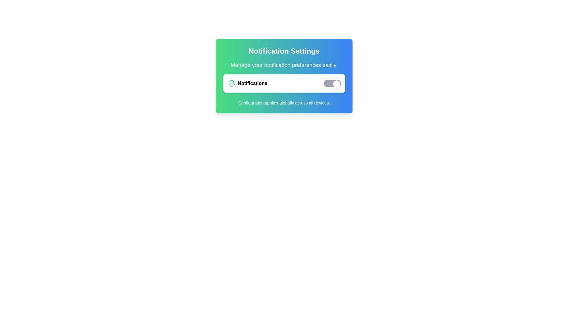  Describe the element at coordinates (231, 83) in the screenshot. I see `the bell icon that signifies notifications, located to the left of the word 'Notifications' in the user interface` at that location.